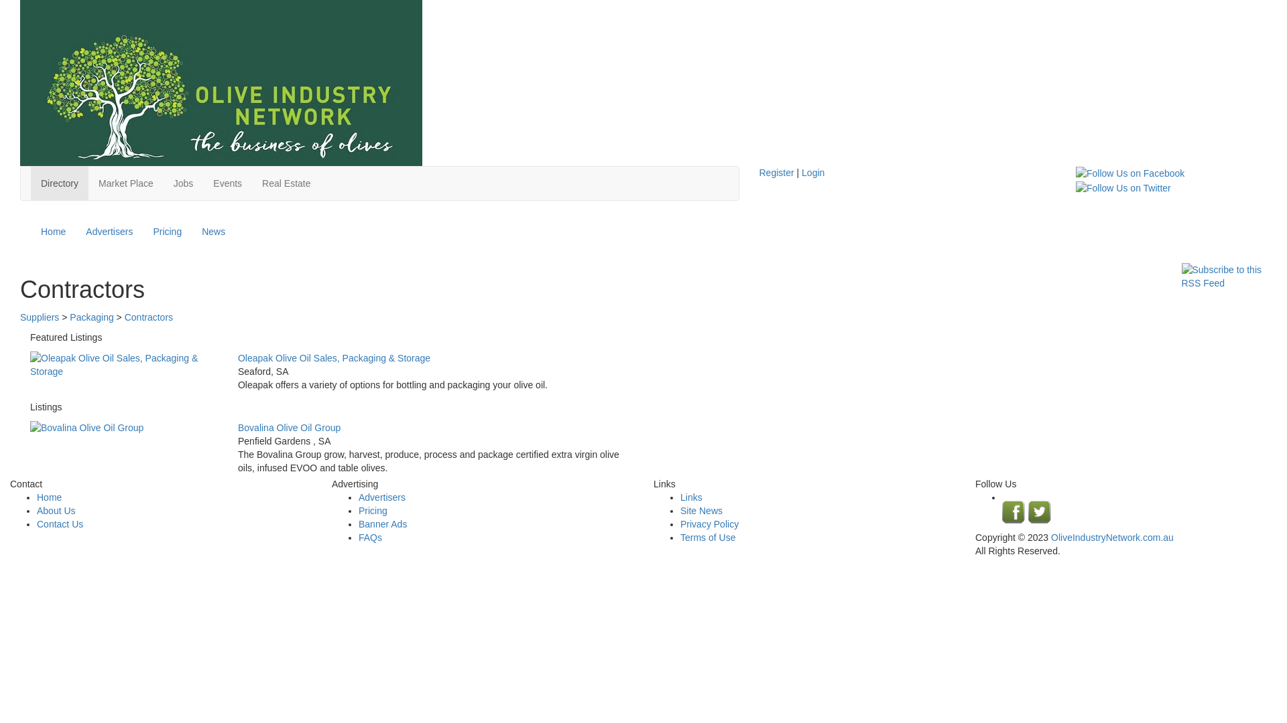 This screenshot has width=1287, height=723. What do you see at coordinates (212, 231) in the screenshot?
I see `'News'` at bounding box center [212, 231].